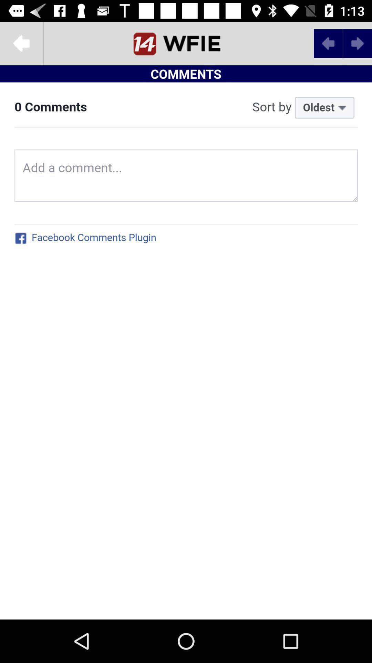 The image size is (372, 663). Describe the element at coordinates (186, 43) in the screenshot. I see `go home` at that location.